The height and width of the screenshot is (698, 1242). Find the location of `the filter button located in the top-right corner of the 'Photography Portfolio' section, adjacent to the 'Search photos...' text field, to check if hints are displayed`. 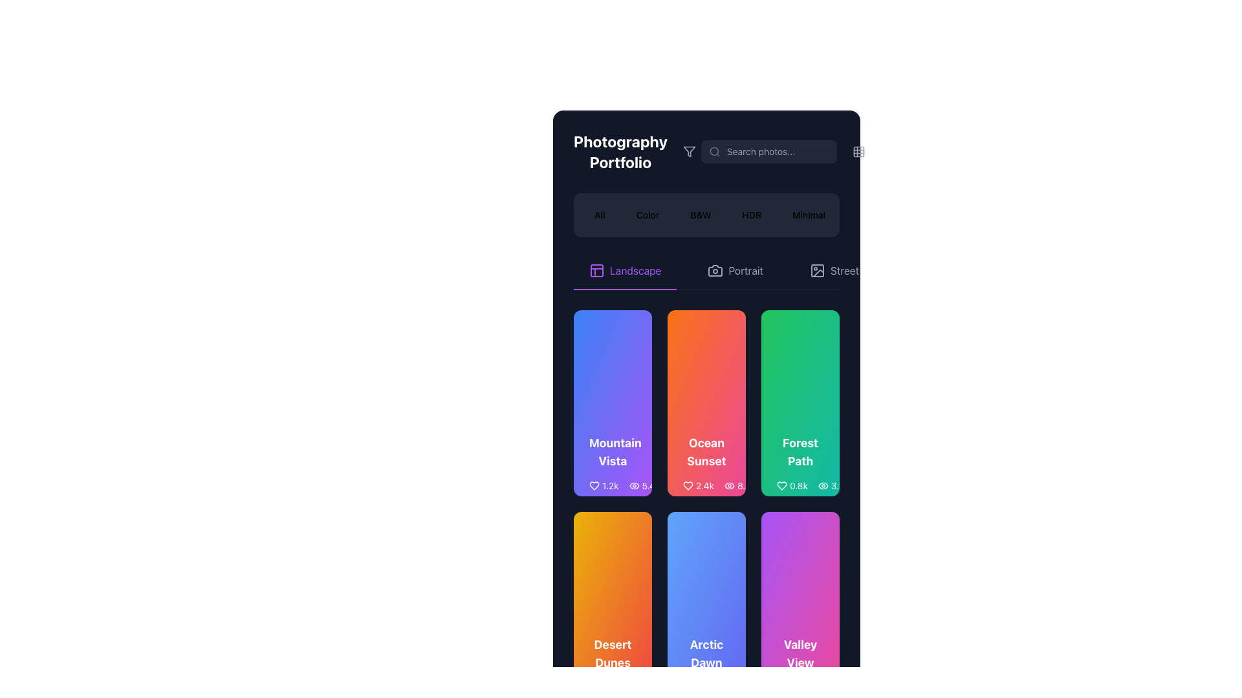

the filter button located in the top-right corner of the 'Photography Portfolio' section, adjacent to the 'Search photos...' text field, to check if hints are displayed is located at coordinates (688, 151).